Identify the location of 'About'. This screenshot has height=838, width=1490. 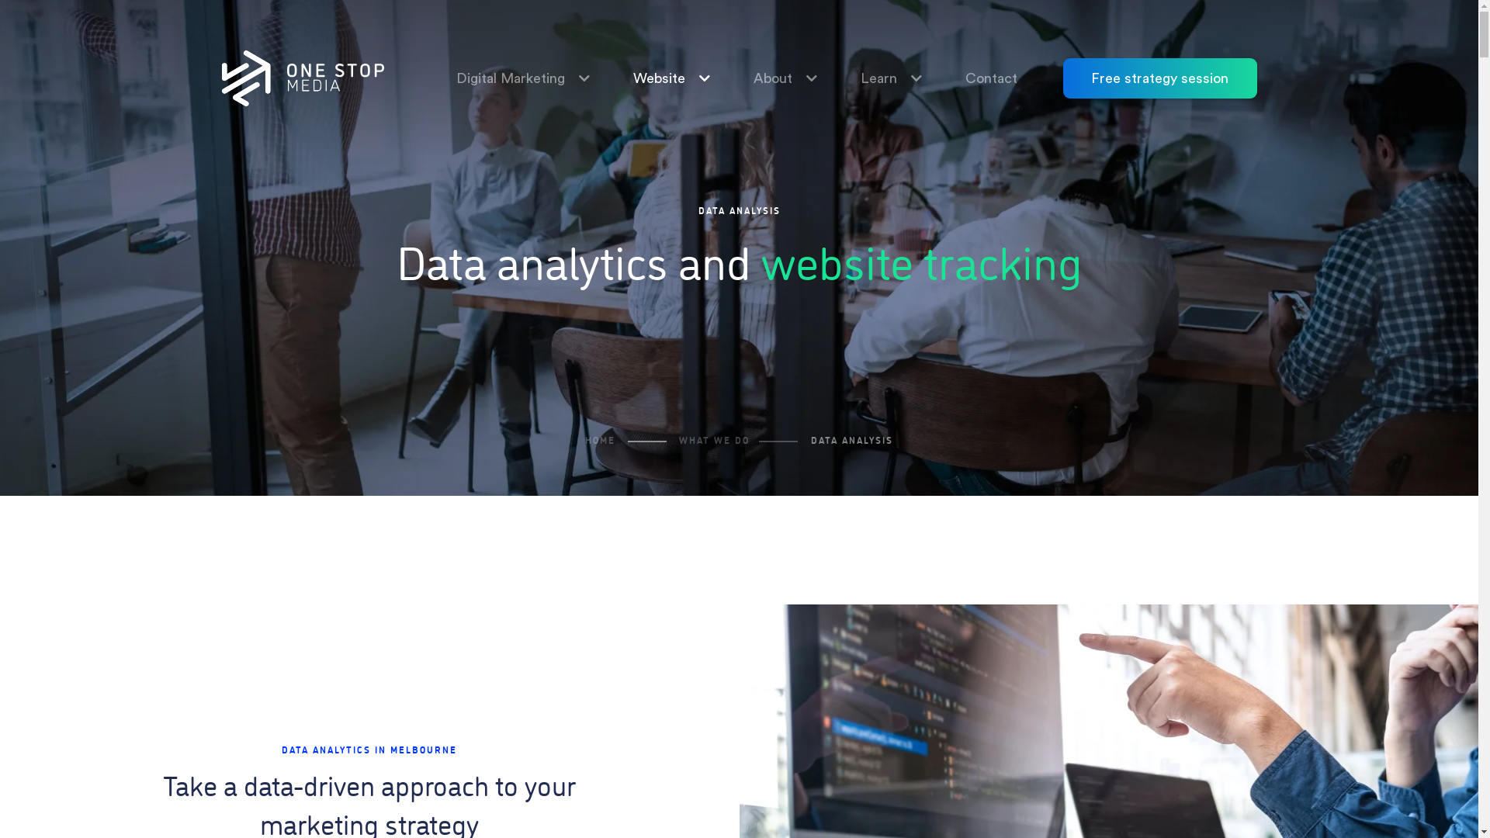
(726, 78).